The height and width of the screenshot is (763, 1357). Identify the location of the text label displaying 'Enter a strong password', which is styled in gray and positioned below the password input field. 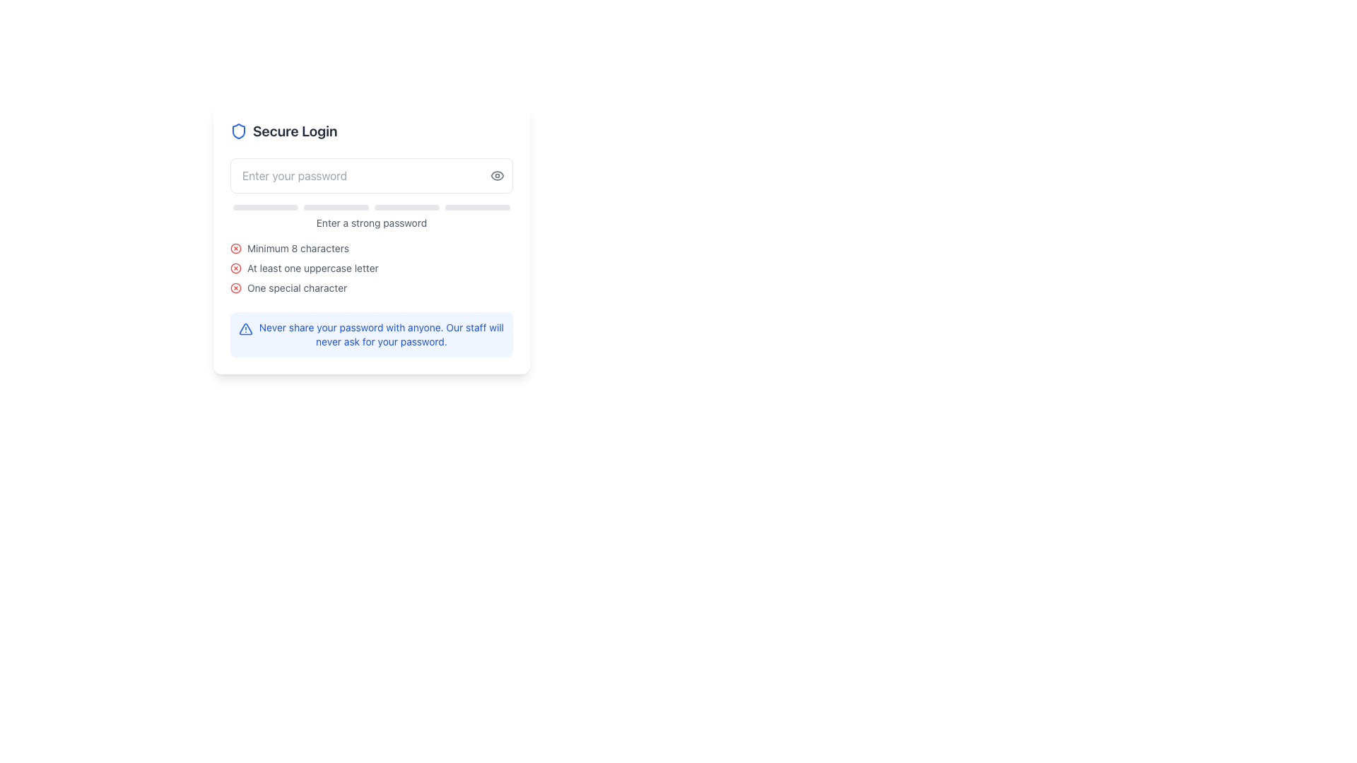
(372, 218).